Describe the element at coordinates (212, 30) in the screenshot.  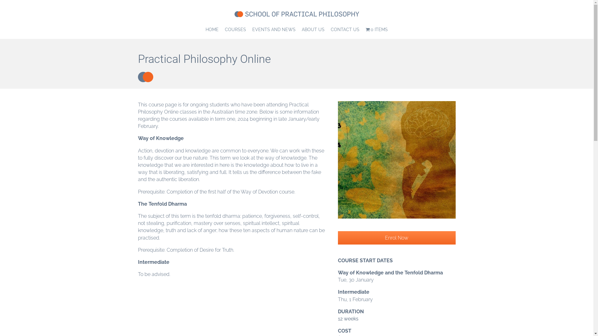
I see `'HOME'` at that location.